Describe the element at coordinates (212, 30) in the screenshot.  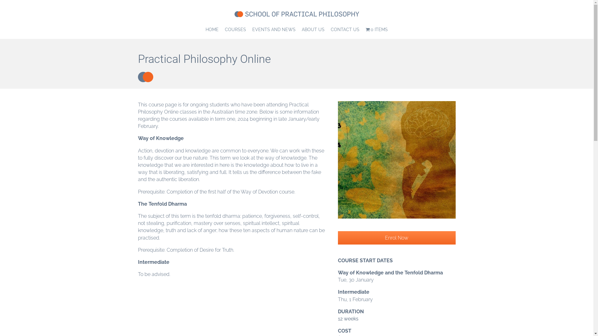
I see `'HOME'` at that location.